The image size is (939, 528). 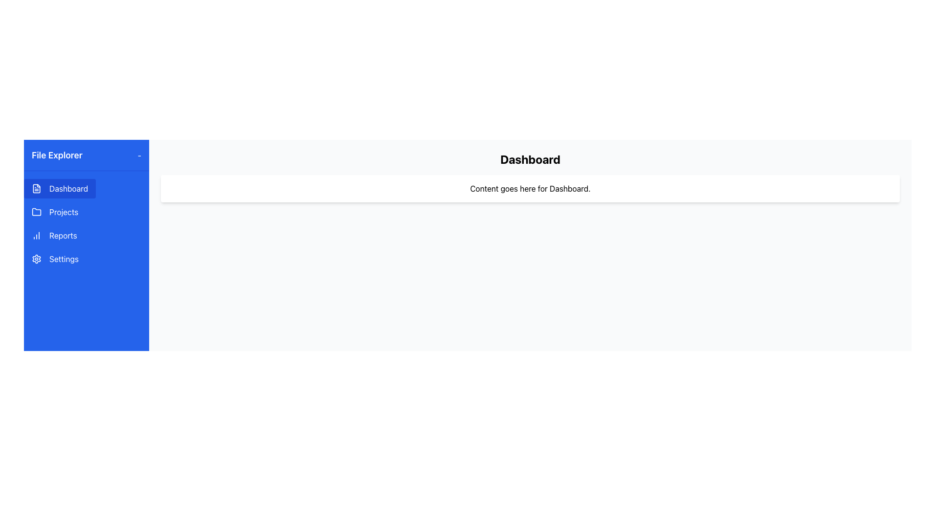 I want to click on the button located in the top right corner of the 'File Explorer' panel, so click(x=139, y=154).